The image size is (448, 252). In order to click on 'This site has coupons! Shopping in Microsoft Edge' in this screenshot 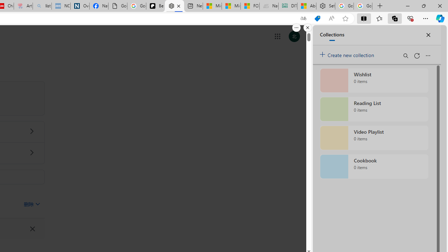, I will do `click(317, 18)`.